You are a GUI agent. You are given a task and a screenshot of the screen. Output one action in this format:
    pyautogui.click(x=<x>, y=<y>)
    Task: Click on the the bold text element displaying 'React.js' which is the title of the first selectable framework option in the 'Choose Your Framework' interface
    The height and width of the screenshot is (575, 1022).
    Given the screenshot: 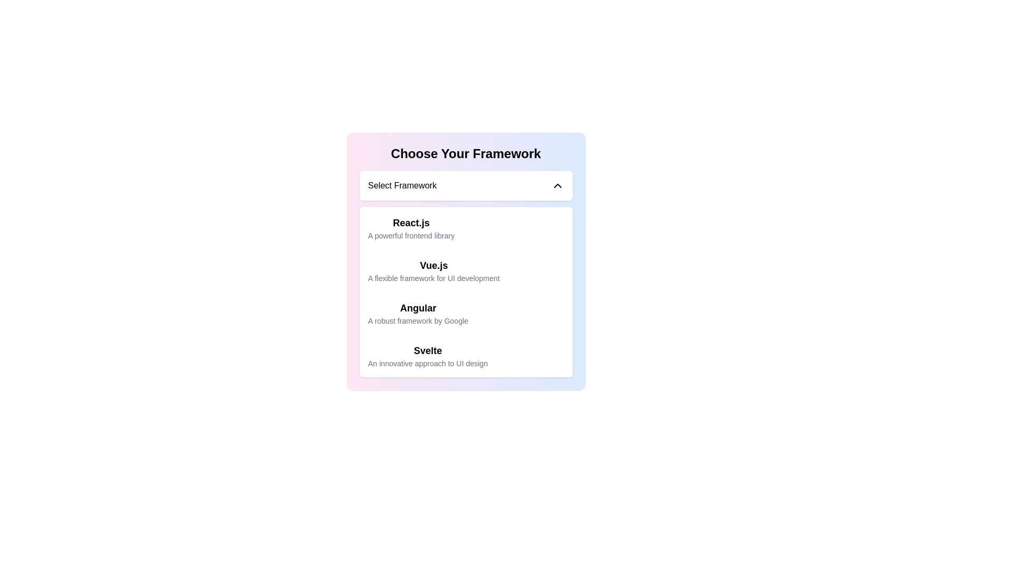 What is the action you would take?
    pyautogui.click(x=410, y=223)
    